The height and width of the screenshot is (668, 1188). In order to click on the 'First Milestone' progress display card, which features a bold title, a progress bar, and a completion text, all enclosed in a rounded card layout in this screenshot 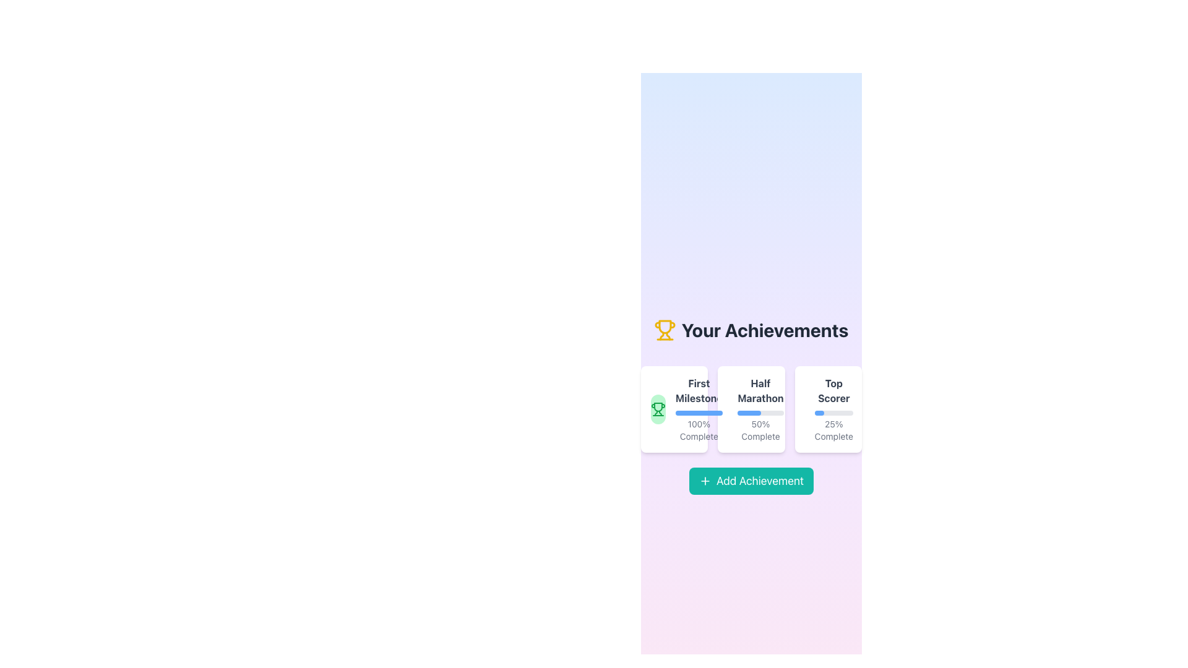, I will do `click(699, 409)`.